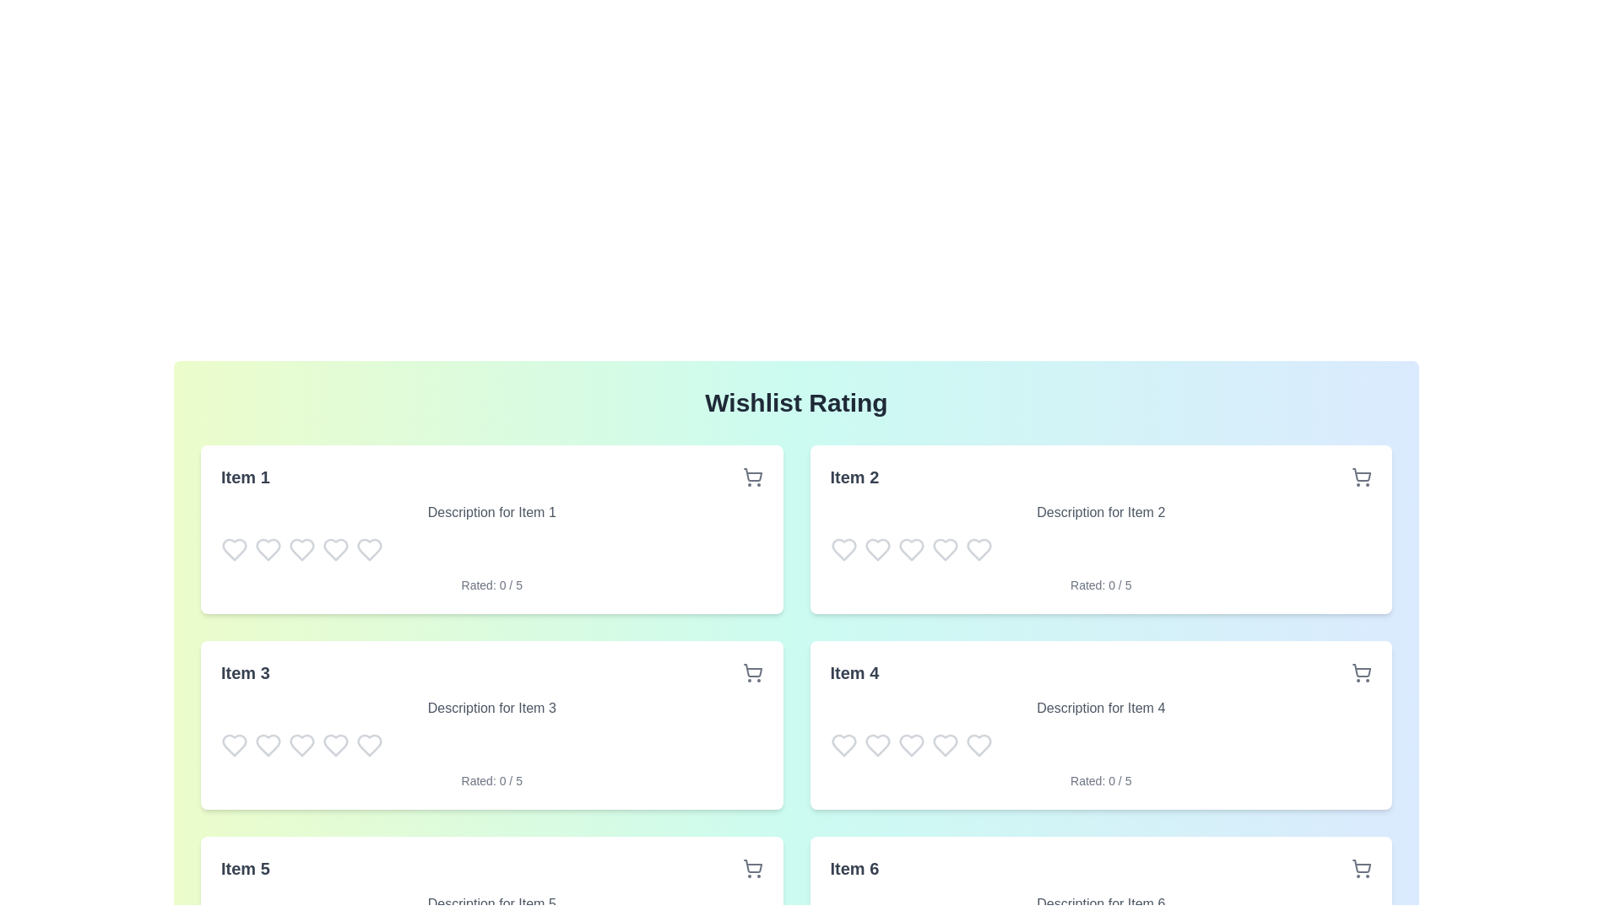  Describe the element at coordinates (491, 512) in the screenshot. I see `the description text of the desired item to view its details` at that location.